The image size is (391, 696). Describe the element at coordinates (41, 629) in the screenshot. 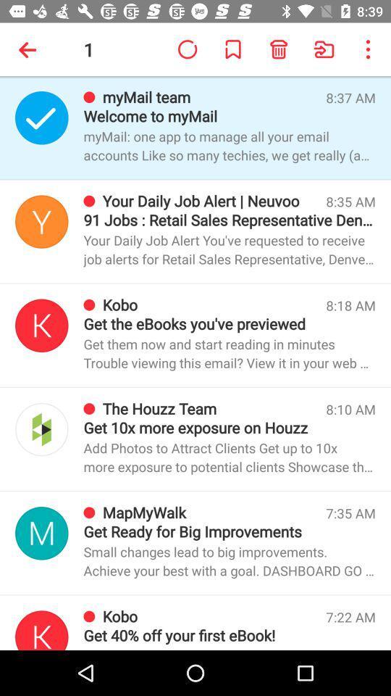

I see `profile information` at that location.